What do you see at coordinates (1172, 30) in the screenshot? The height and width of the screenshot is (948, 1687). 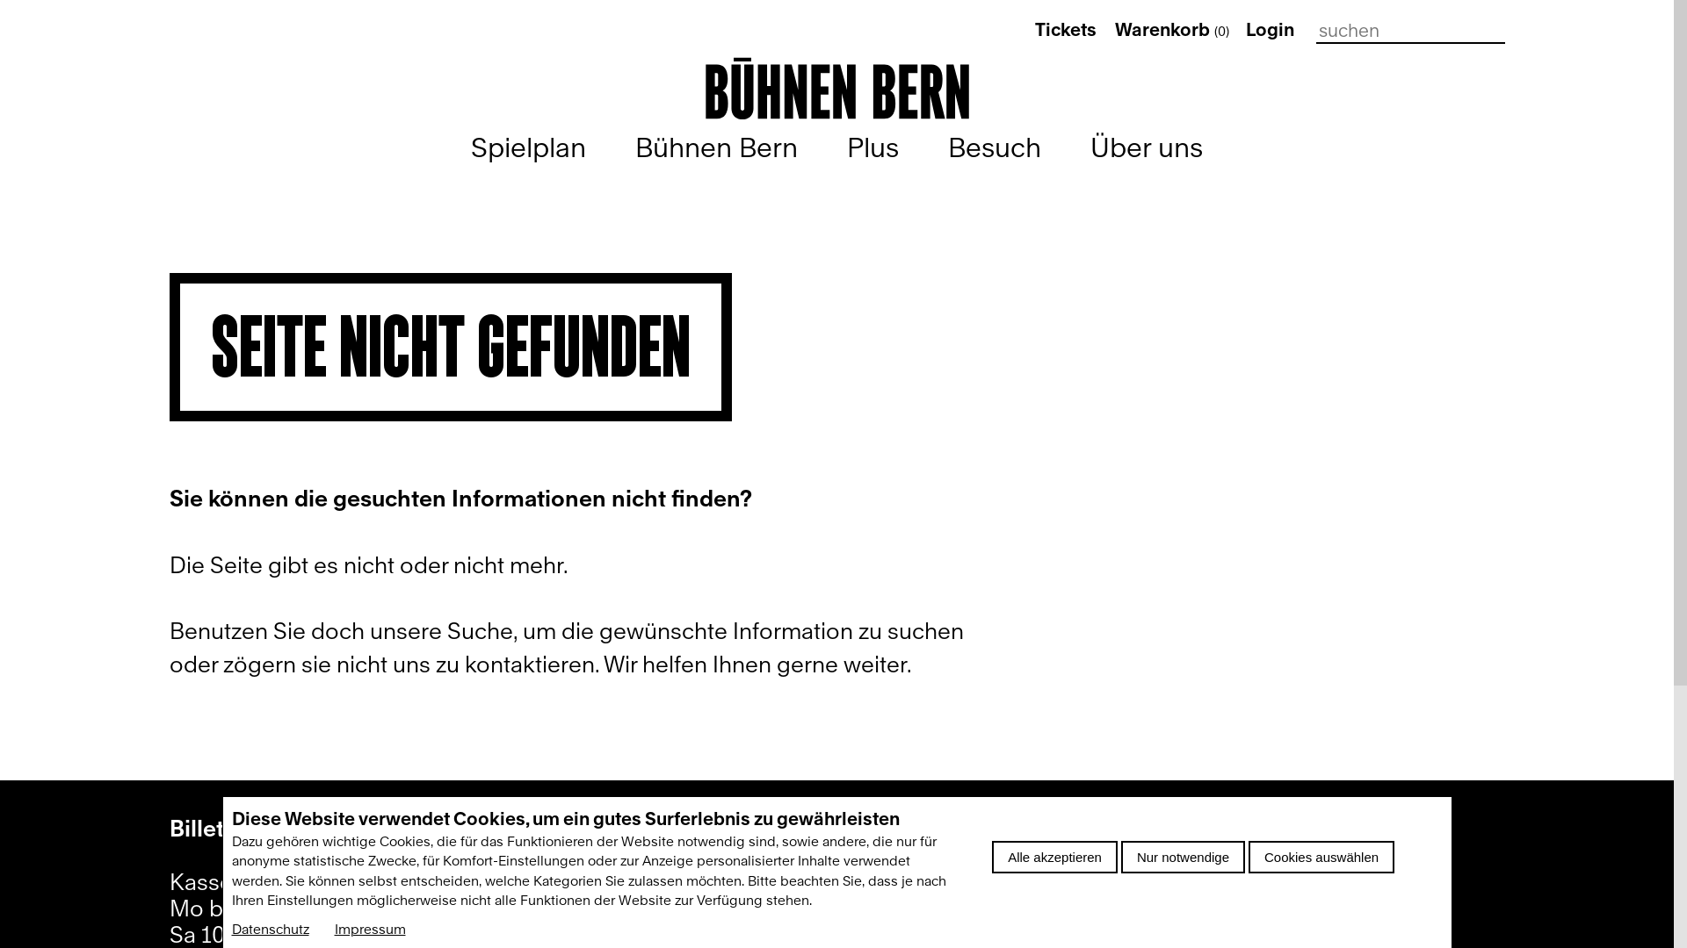 I see `'Warenkorb(0)'` at bounding box center [1172, 30].